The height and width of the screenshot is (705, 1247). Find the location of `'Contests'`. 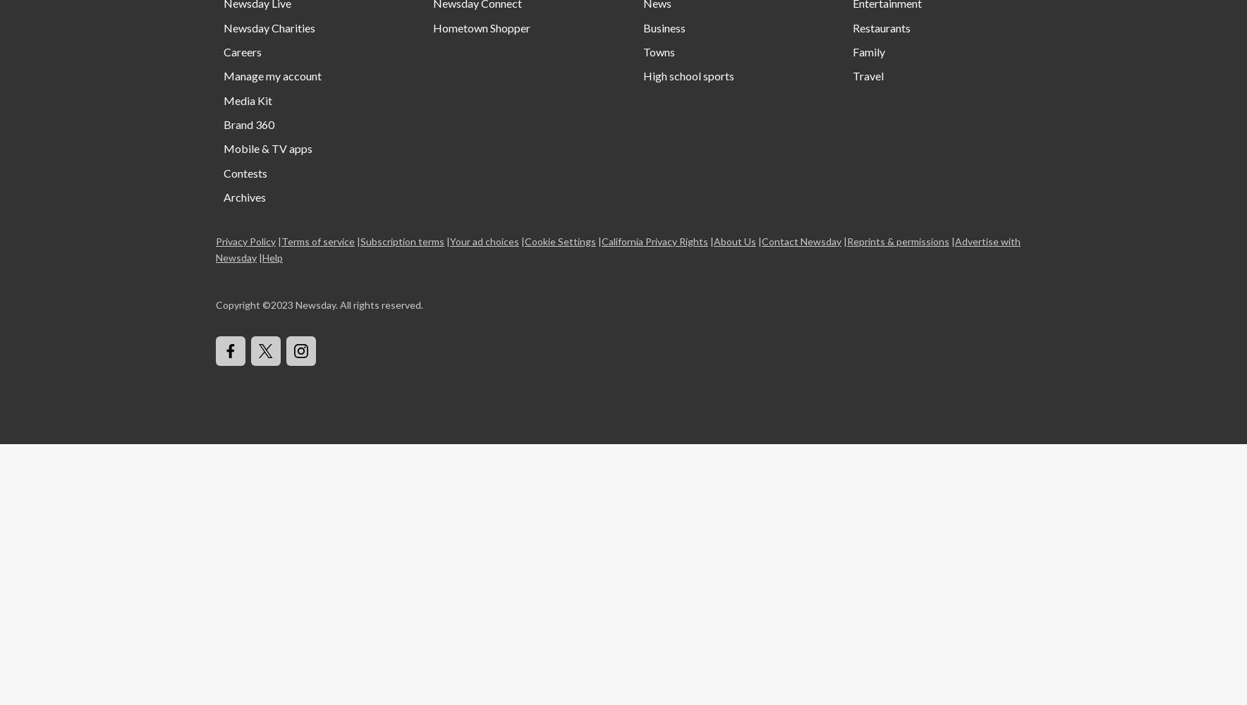

'Contests' is located at coordinates (245, 171).